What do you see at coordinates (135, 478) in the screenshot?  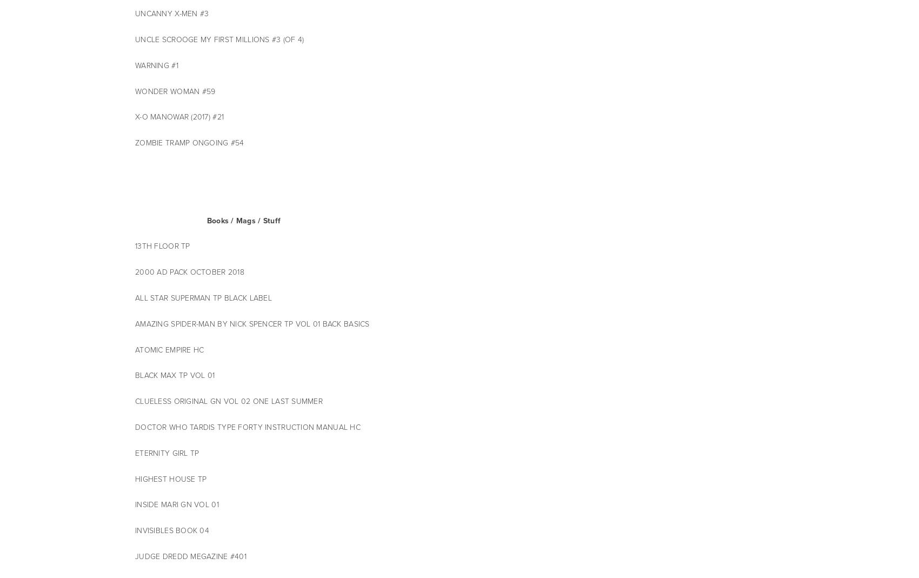 I see `'HIGHEST HOUSE TP'` at bounding box center [135, 478].